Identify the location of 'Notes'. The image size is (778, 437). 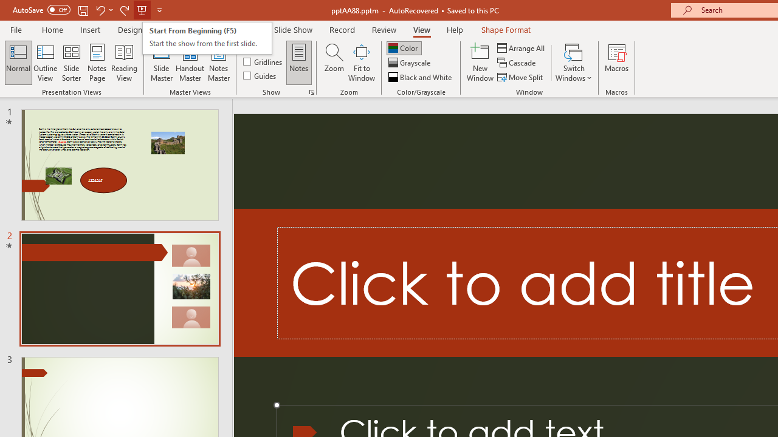
(299, 63).